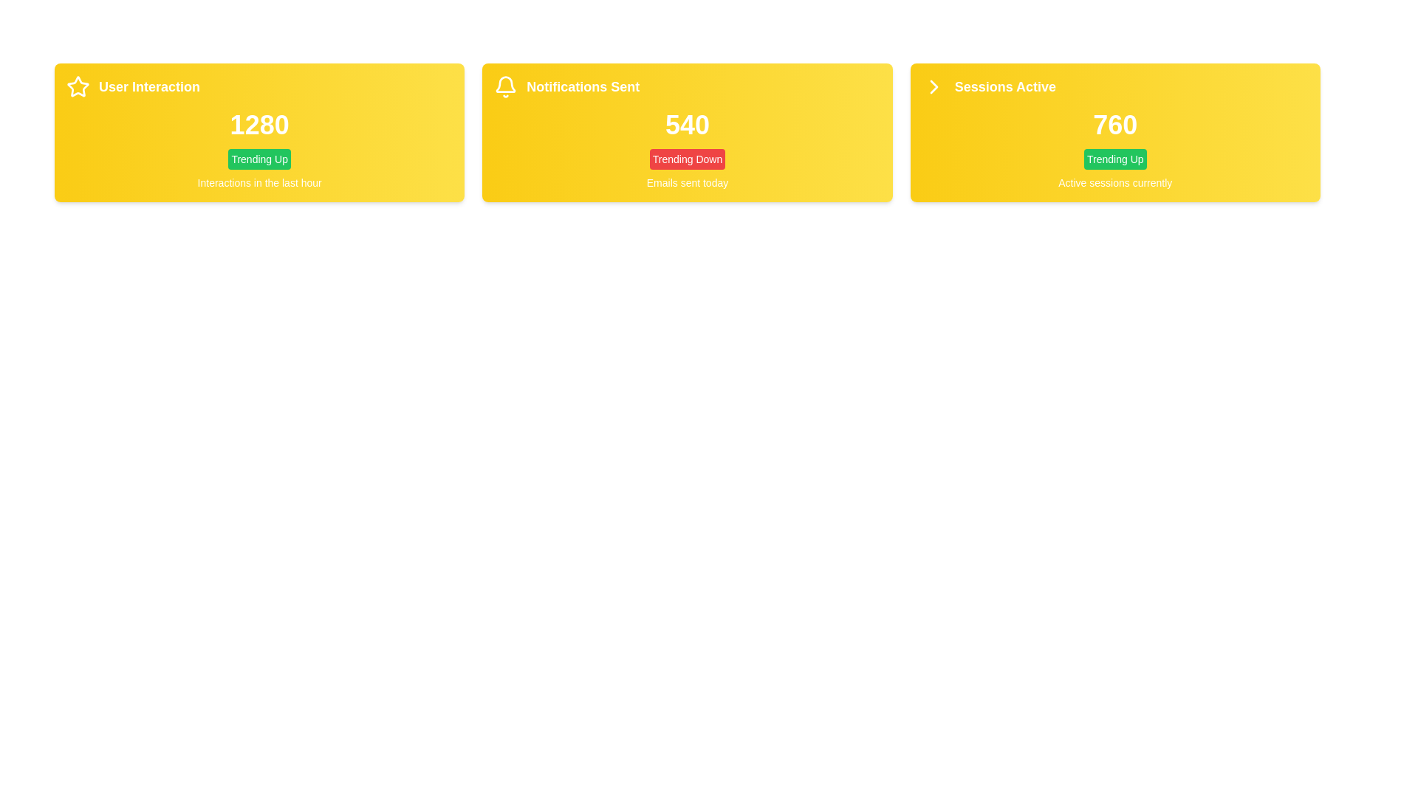  Describe the element at coordinates (259, 124) in the screenshot. I see `the numerical data displayed in the first card under the label 'User Interaction'` at that location.